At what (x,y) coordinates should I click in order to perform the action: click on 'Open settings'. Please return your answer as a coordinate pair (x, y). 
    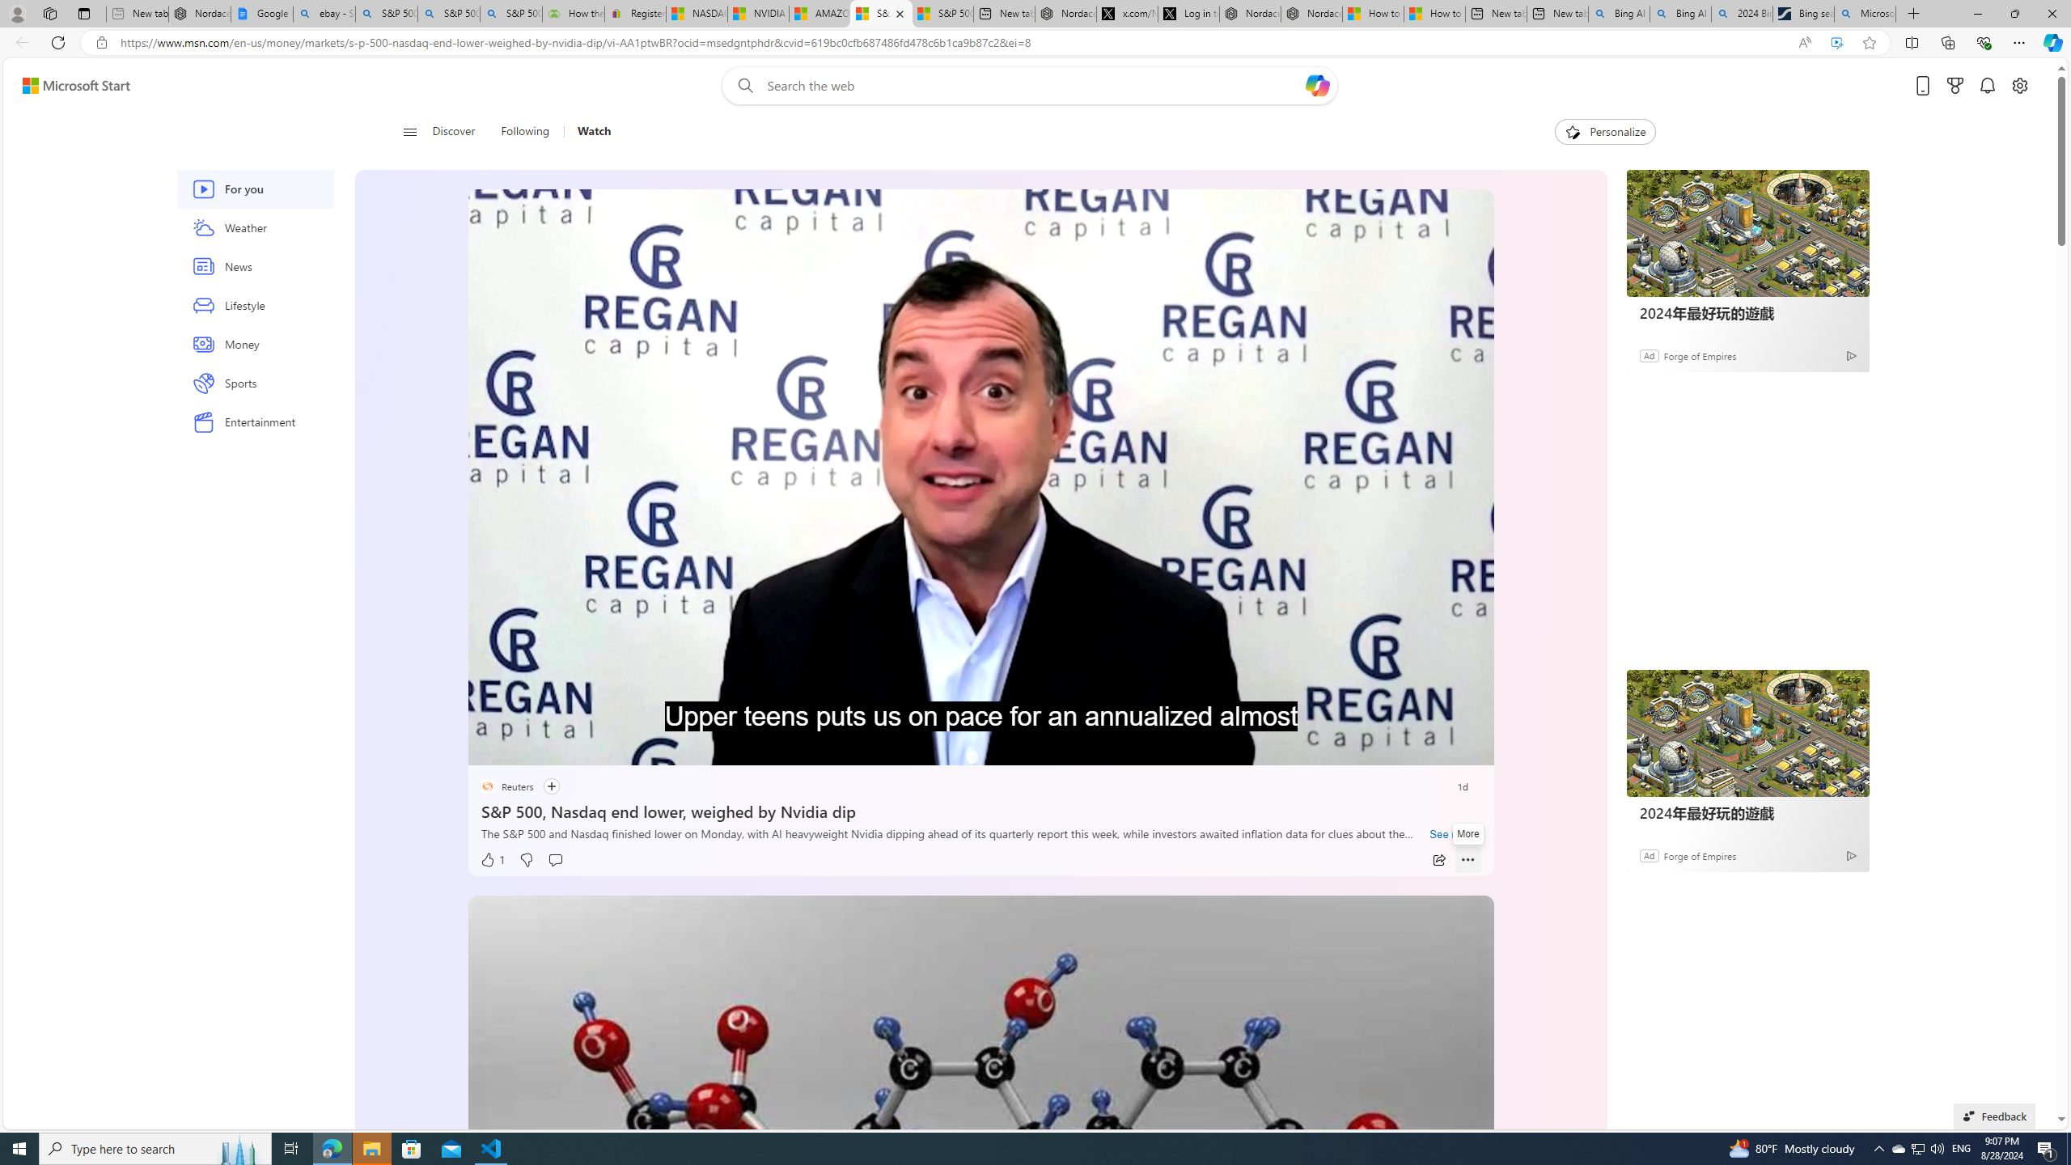
    Looking at the image, I should click on (2019, 86).